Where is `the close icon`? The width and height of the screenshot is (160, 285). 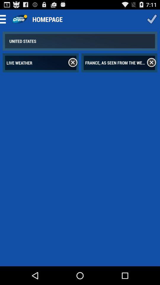
the close icon is located at coordinates (73, 67).